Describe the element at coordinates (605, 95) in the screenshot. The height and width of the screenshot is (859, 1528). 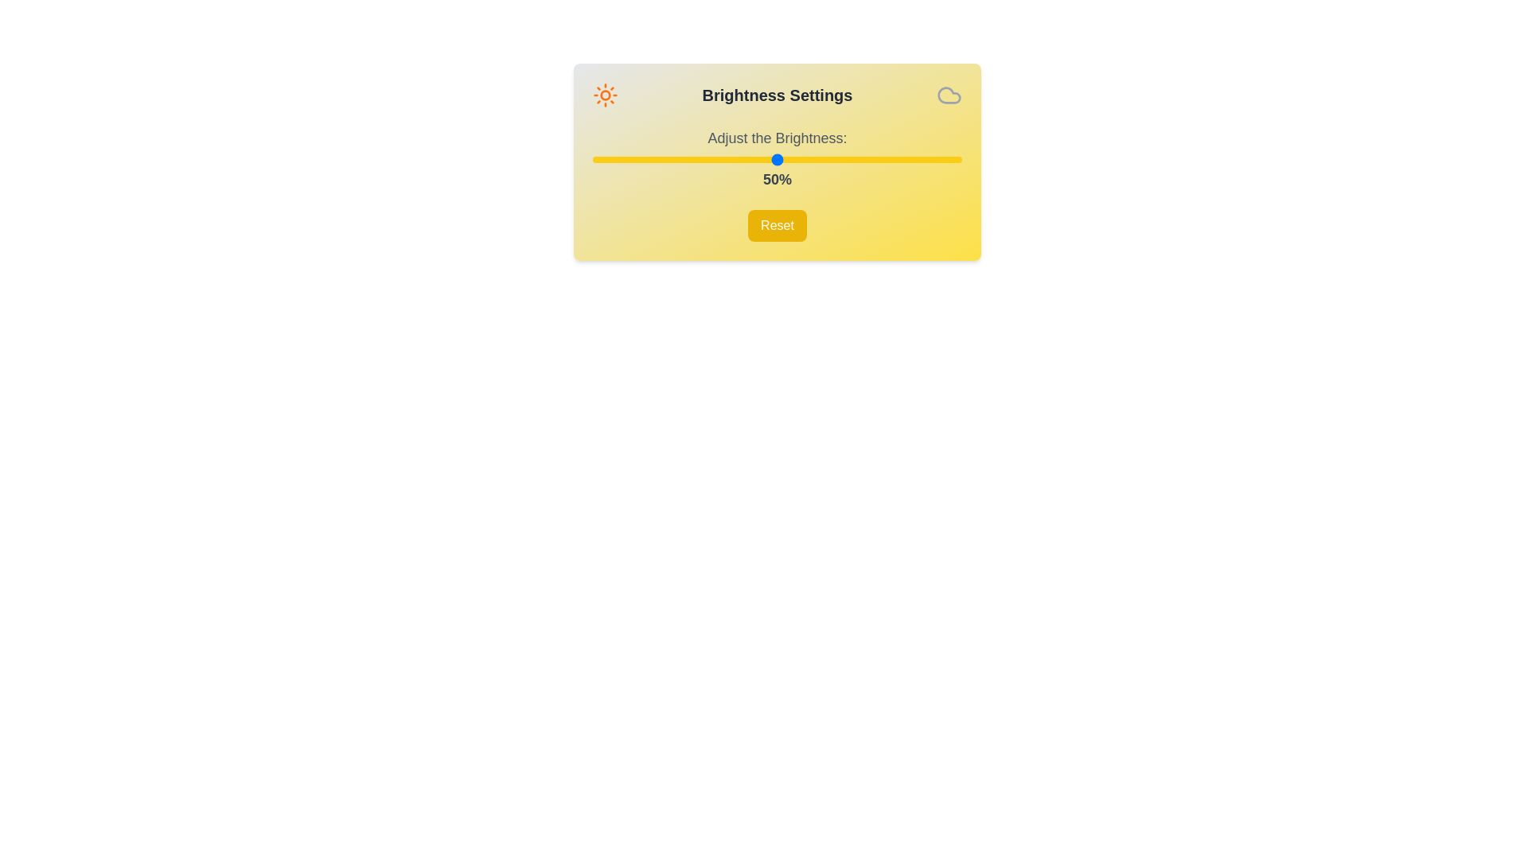
I see `the Sun icon in the header` at that location.